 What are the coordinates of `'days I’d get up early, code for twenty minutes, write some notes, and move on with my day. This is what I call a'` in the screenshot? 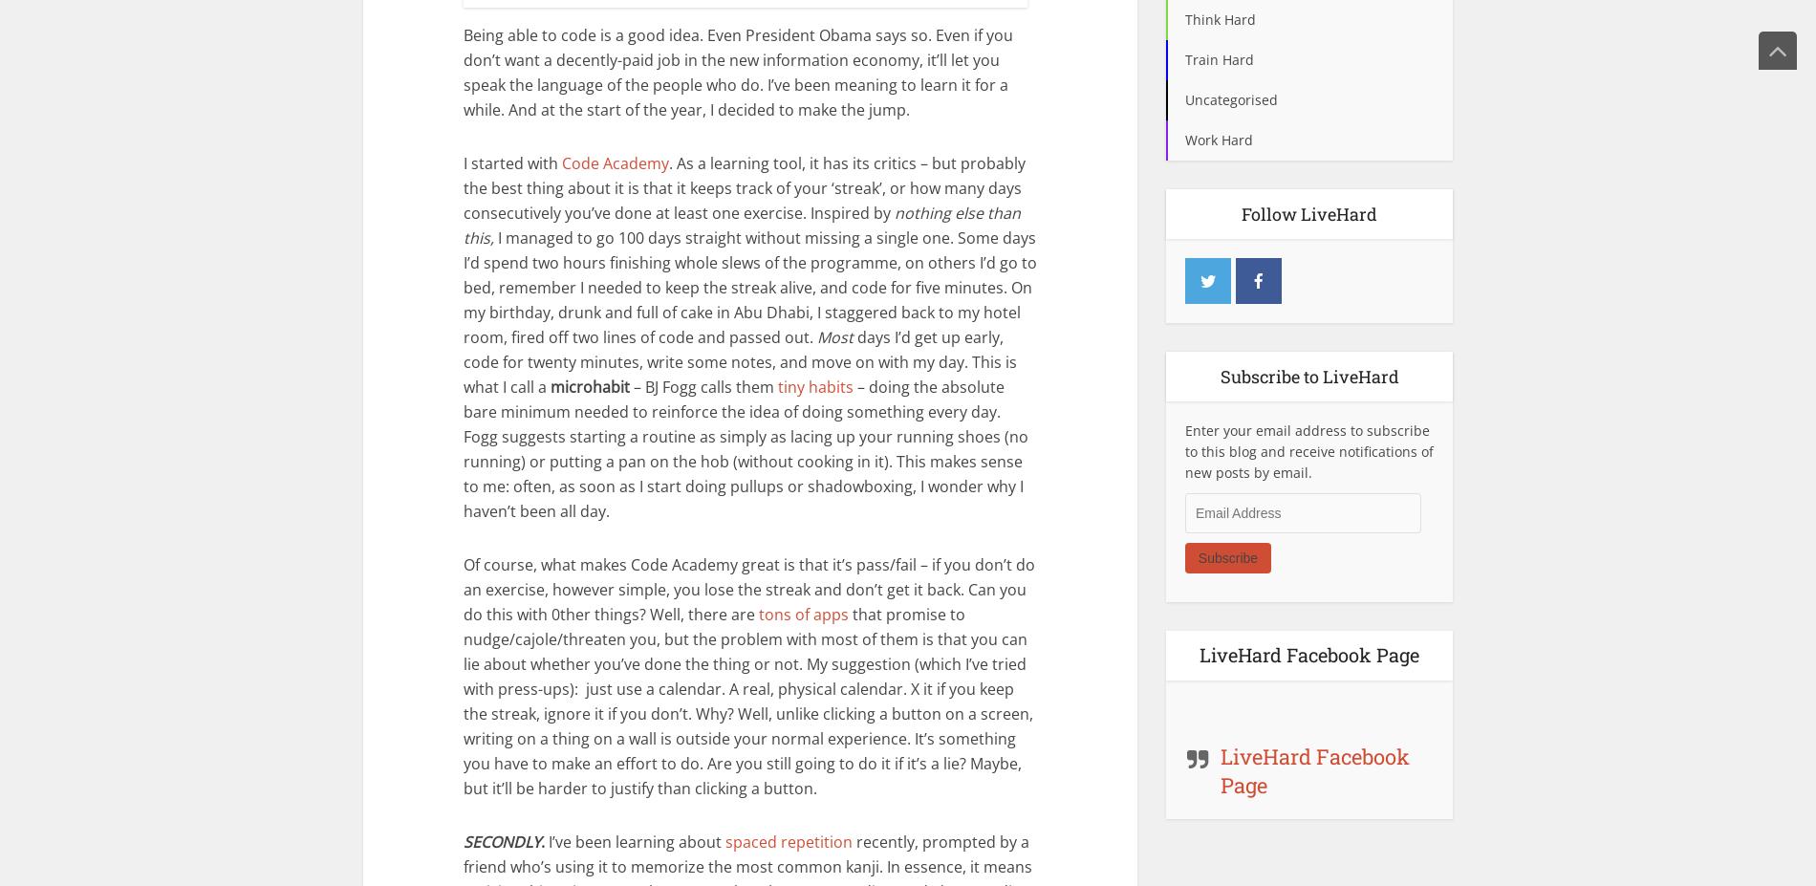 It's located at (739, 360).